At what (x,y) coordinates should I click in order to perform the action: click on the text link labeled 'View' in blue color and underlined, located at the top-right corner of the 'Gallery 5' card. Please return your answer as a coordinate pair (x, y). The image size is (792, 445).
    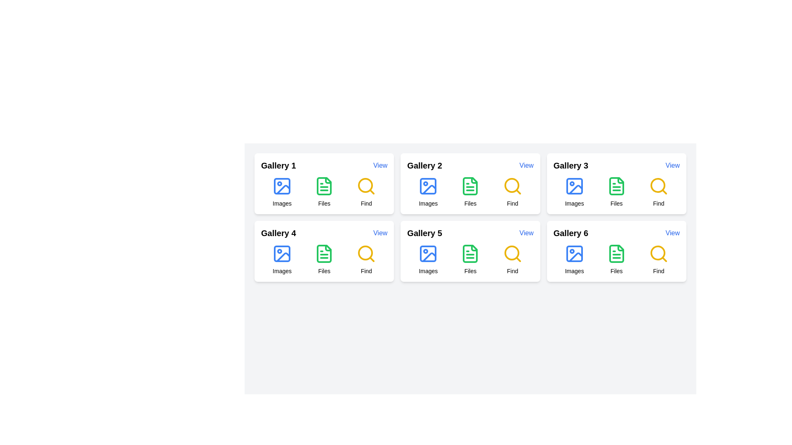
    Looking at the image, I should click on (526, 233).